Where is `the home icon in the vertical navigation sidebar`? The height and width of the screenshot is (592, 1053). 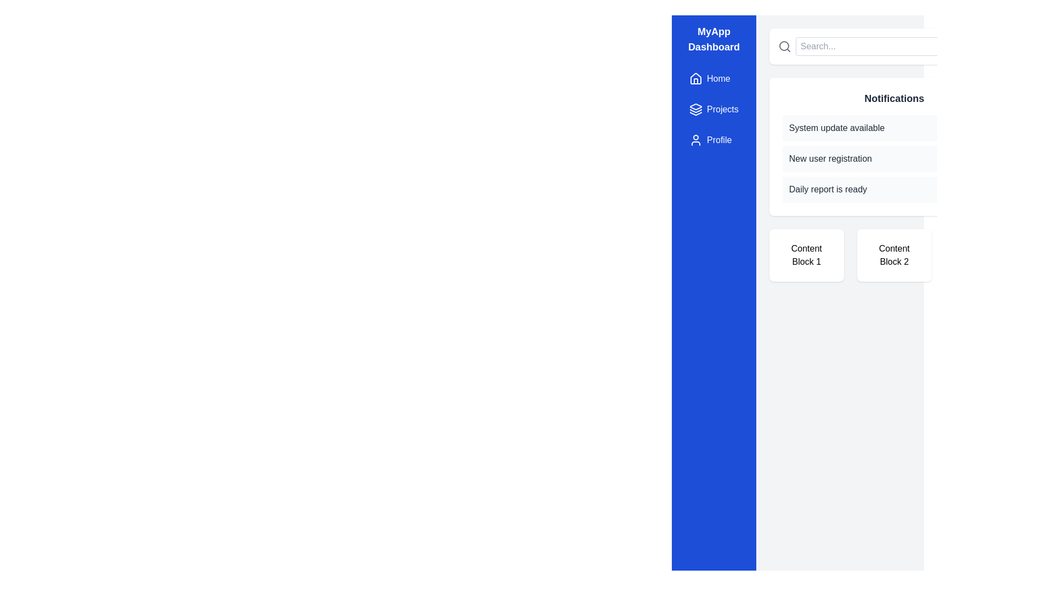
the home icon in the vertical navigation sidebar is located at coordinates (695, 77).